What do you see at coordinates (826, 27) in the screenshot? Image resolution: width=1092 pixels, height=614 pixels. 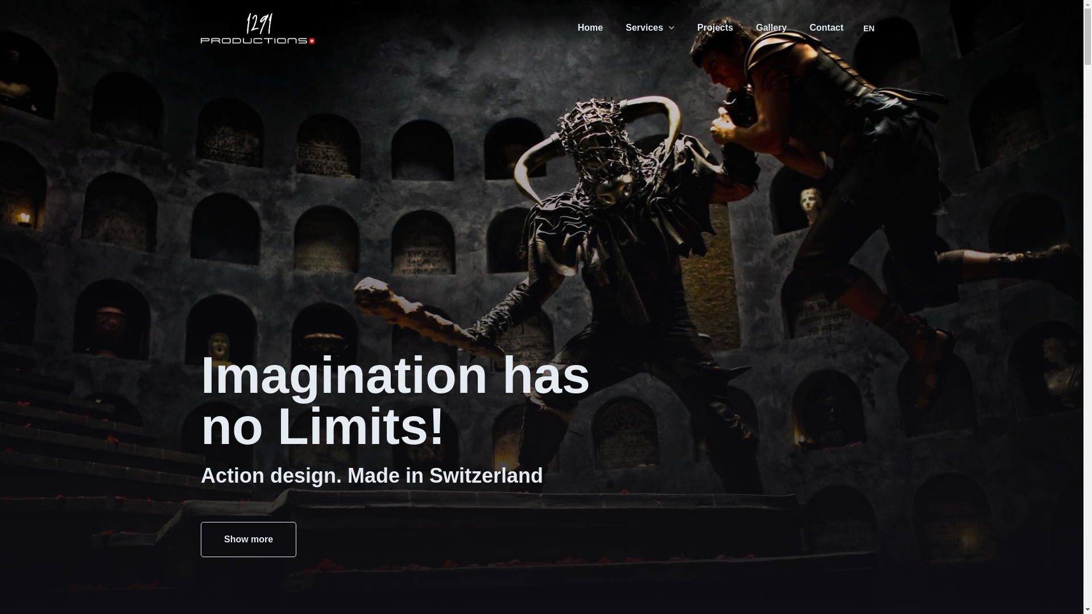 I see `'Contact'` at bounding box center [826, 27].